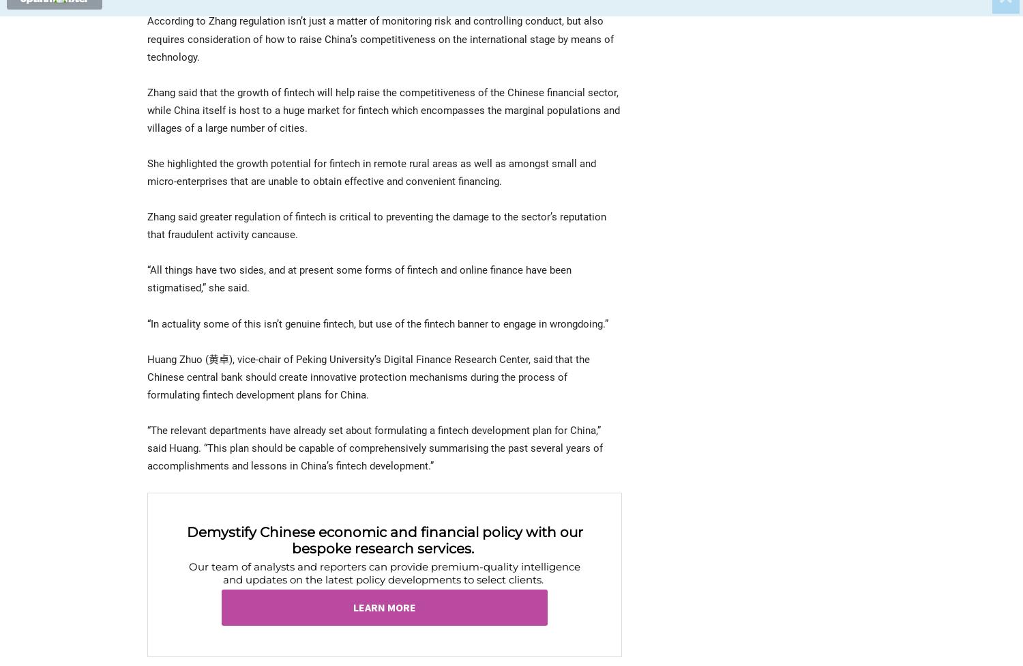  What do you see at coordinates (381, 38) in the screenshot?
I see `'According to Zhang regulation isn’t just a matter of monitoring risk and controlling conduct, but also requires consideration of how to raise China’s competitiveness on the international stage by means of technology.'` at bounding box center [381, 38].